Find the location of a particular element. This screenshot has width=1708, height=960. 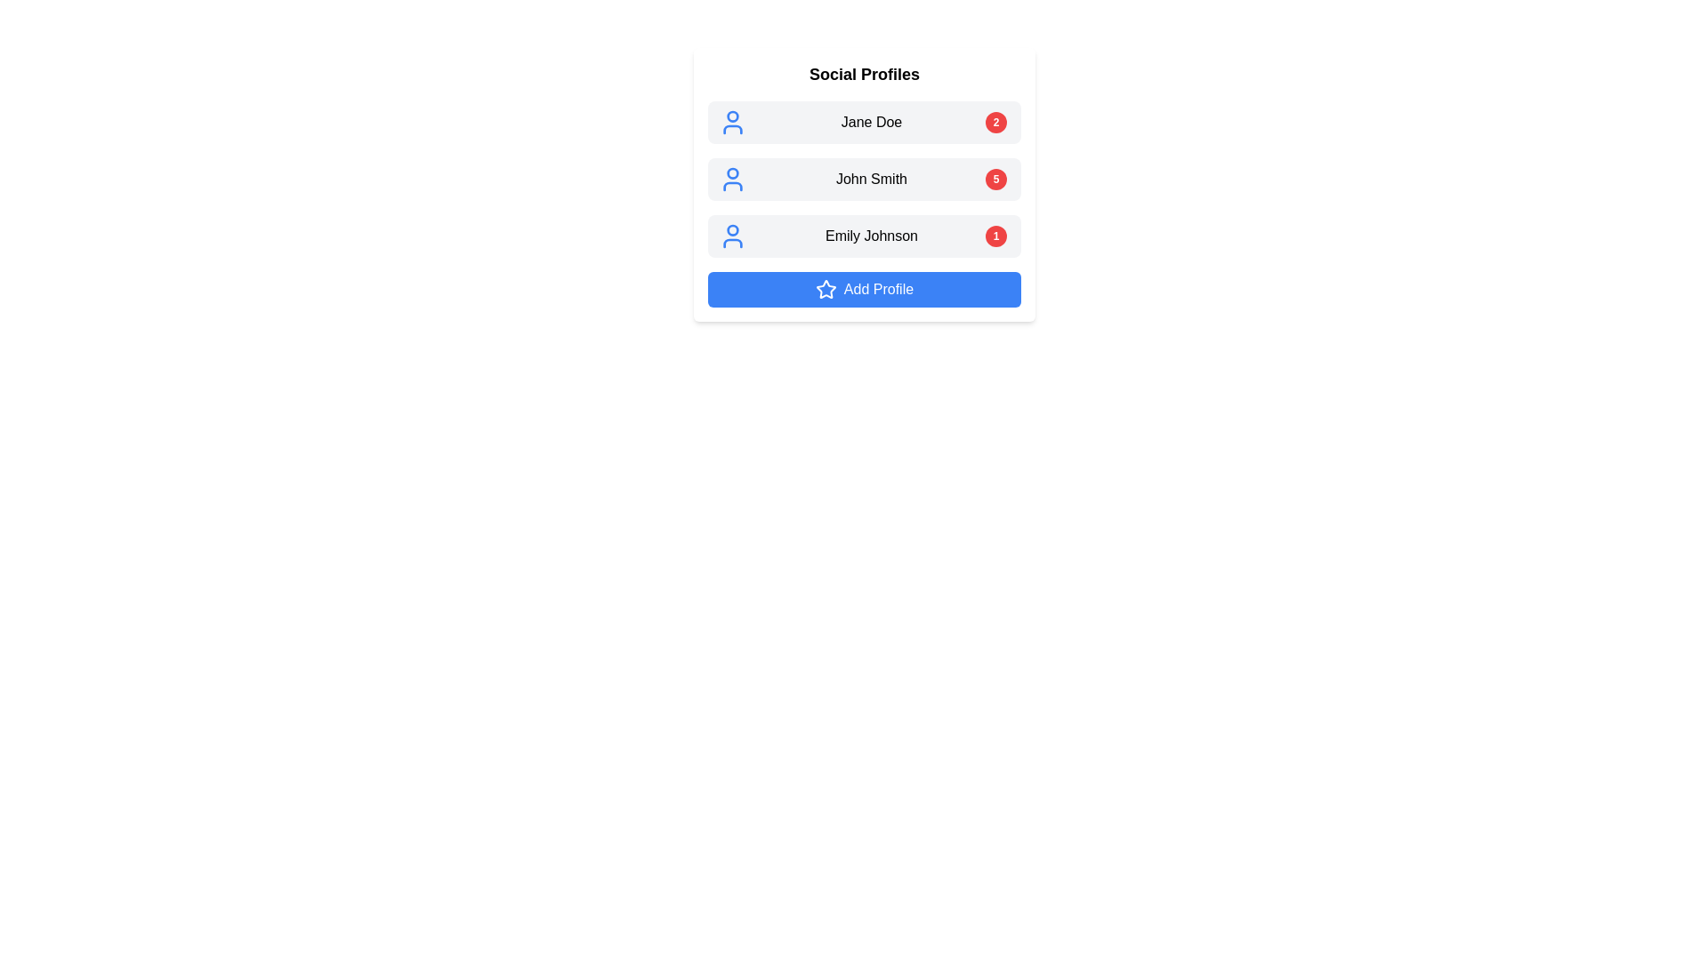

the user profile icon representing 'Emily Johnson', which is the third entry in the list of user profiles, located to the left of the profile name and adjacent to the notification bubble is located at coordinates (733, 236).